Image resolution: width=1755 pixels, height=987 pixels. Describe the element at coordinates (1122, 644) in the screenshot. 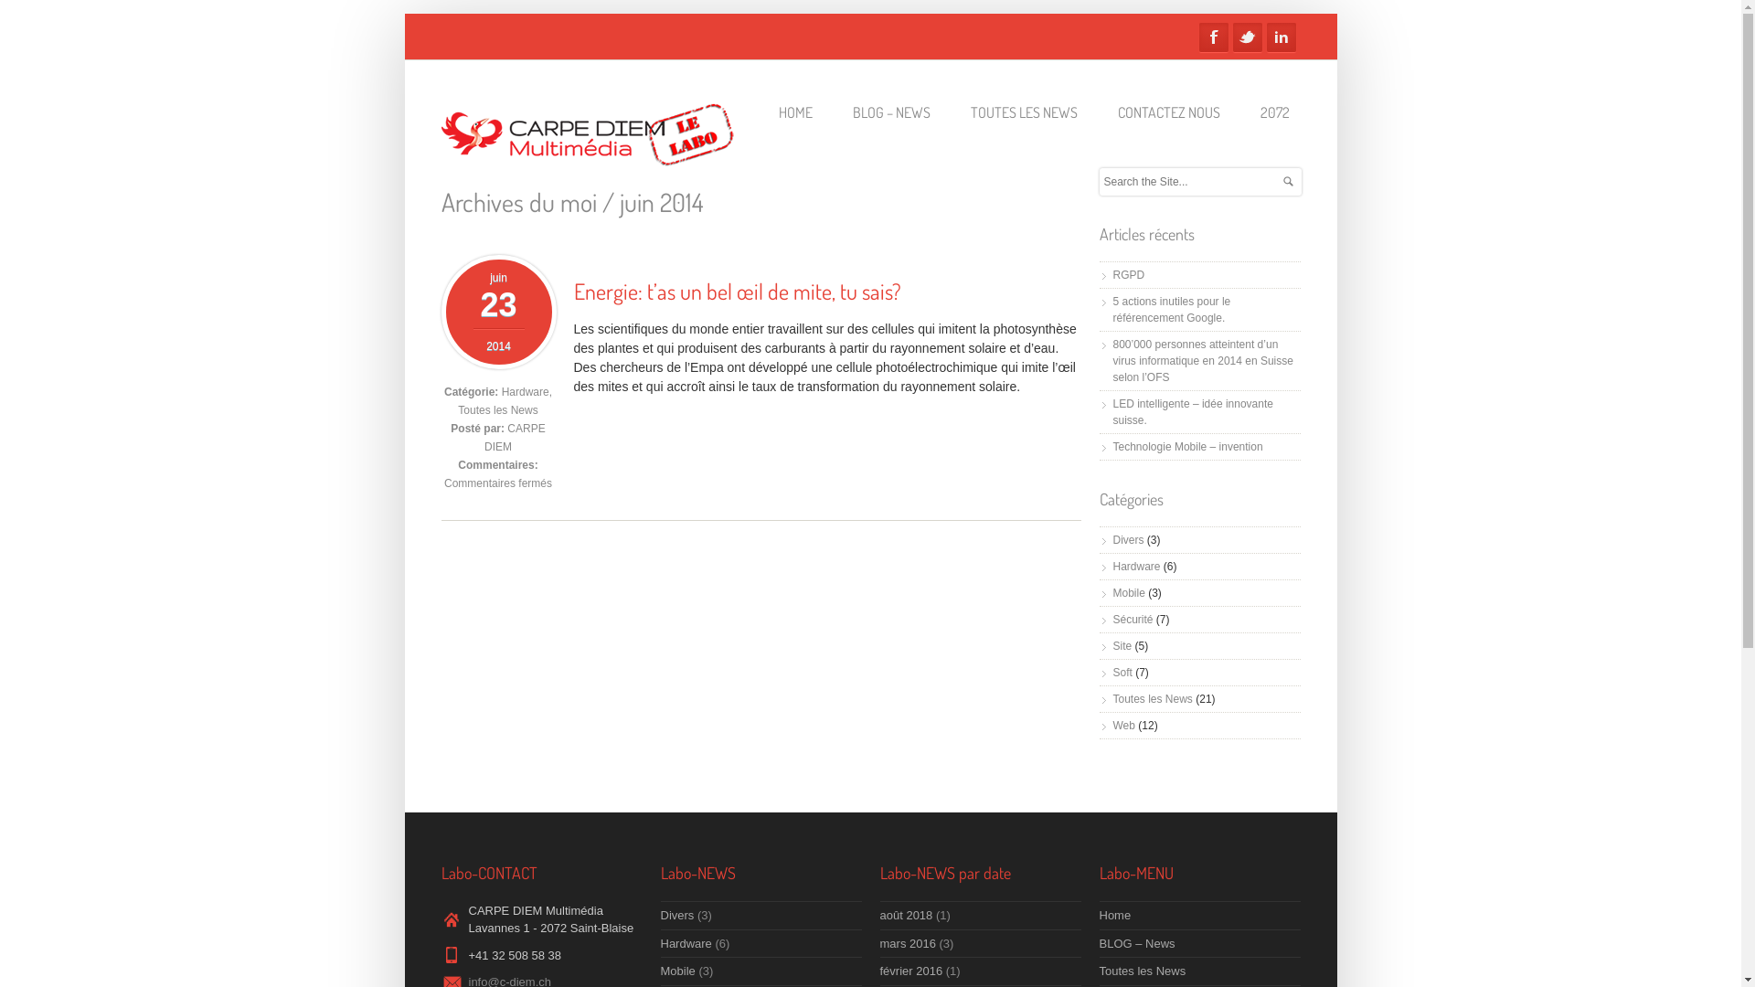

I see `'Site'` at that location.